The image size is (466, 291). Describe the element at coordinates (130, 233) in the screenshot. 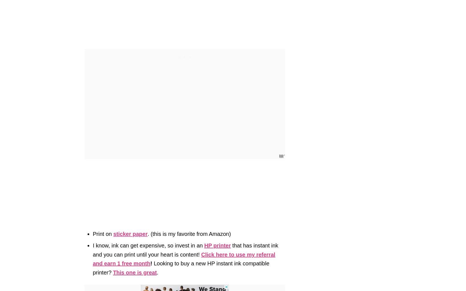

I see `'sticker paper'` at that location.